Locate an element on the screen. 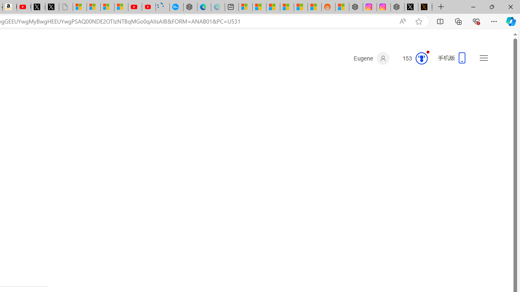 The image size is (520, 292). 'Browser essentials' is located at coordinates (476, 21).